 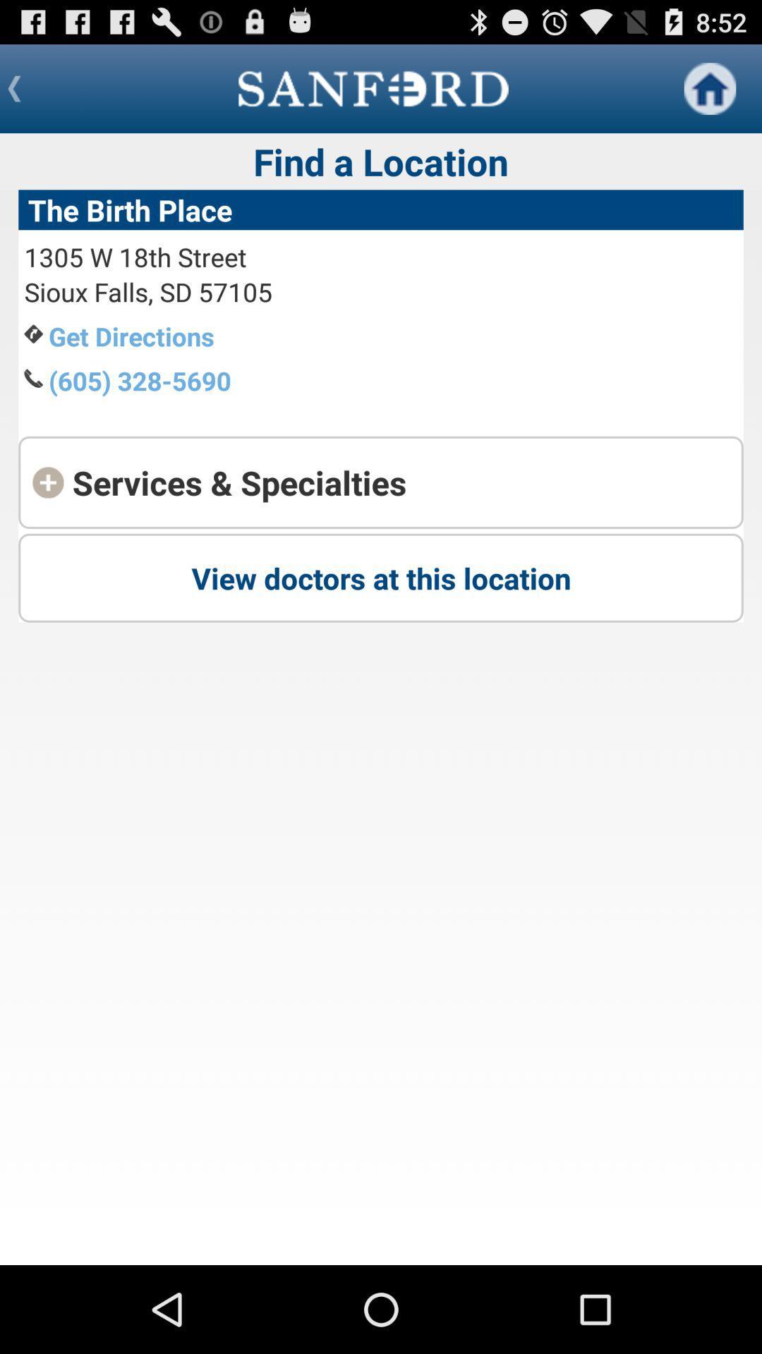 What do you see at coordinates (140, 380) in the screenshot?
I see `(605) 328-5690 item` at bounding box center [140, 380].